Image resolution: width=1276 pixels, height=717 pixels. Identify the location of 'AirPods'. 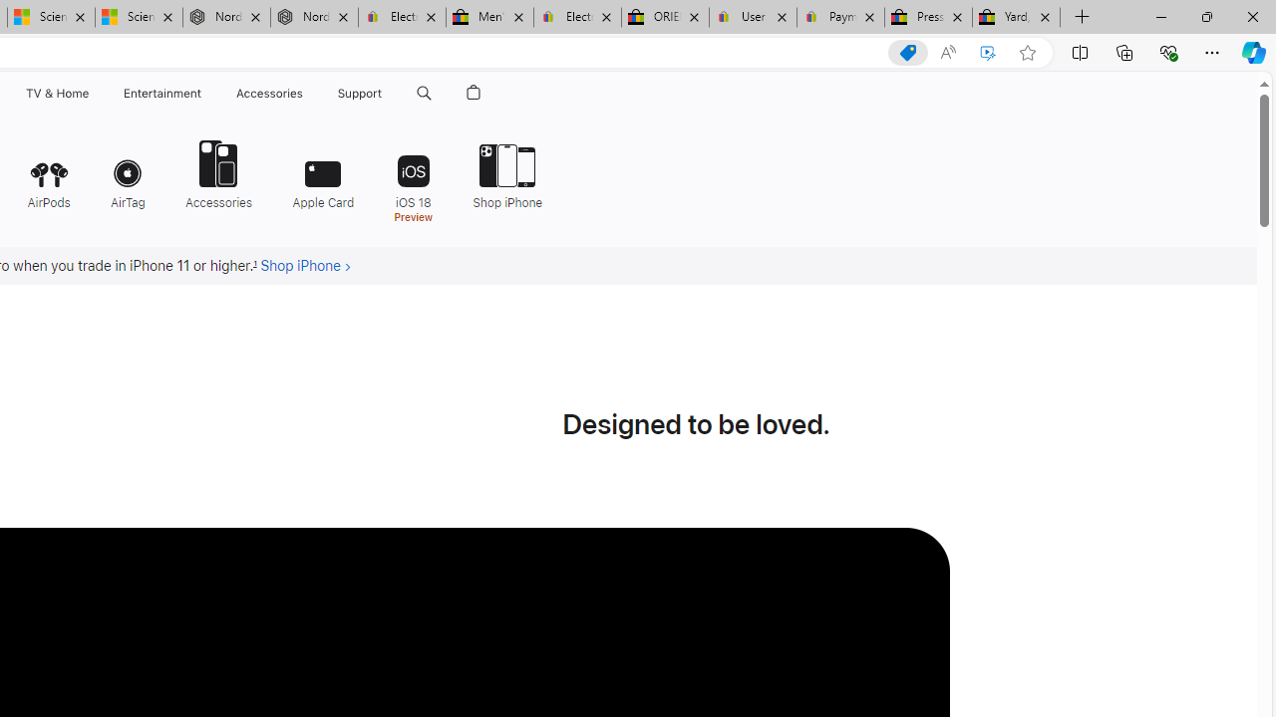
(48, 171).